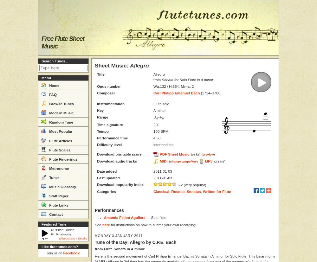 This screenshot has width=317, height=262. I want to click on 'Instrumentation', so click(110, 104).